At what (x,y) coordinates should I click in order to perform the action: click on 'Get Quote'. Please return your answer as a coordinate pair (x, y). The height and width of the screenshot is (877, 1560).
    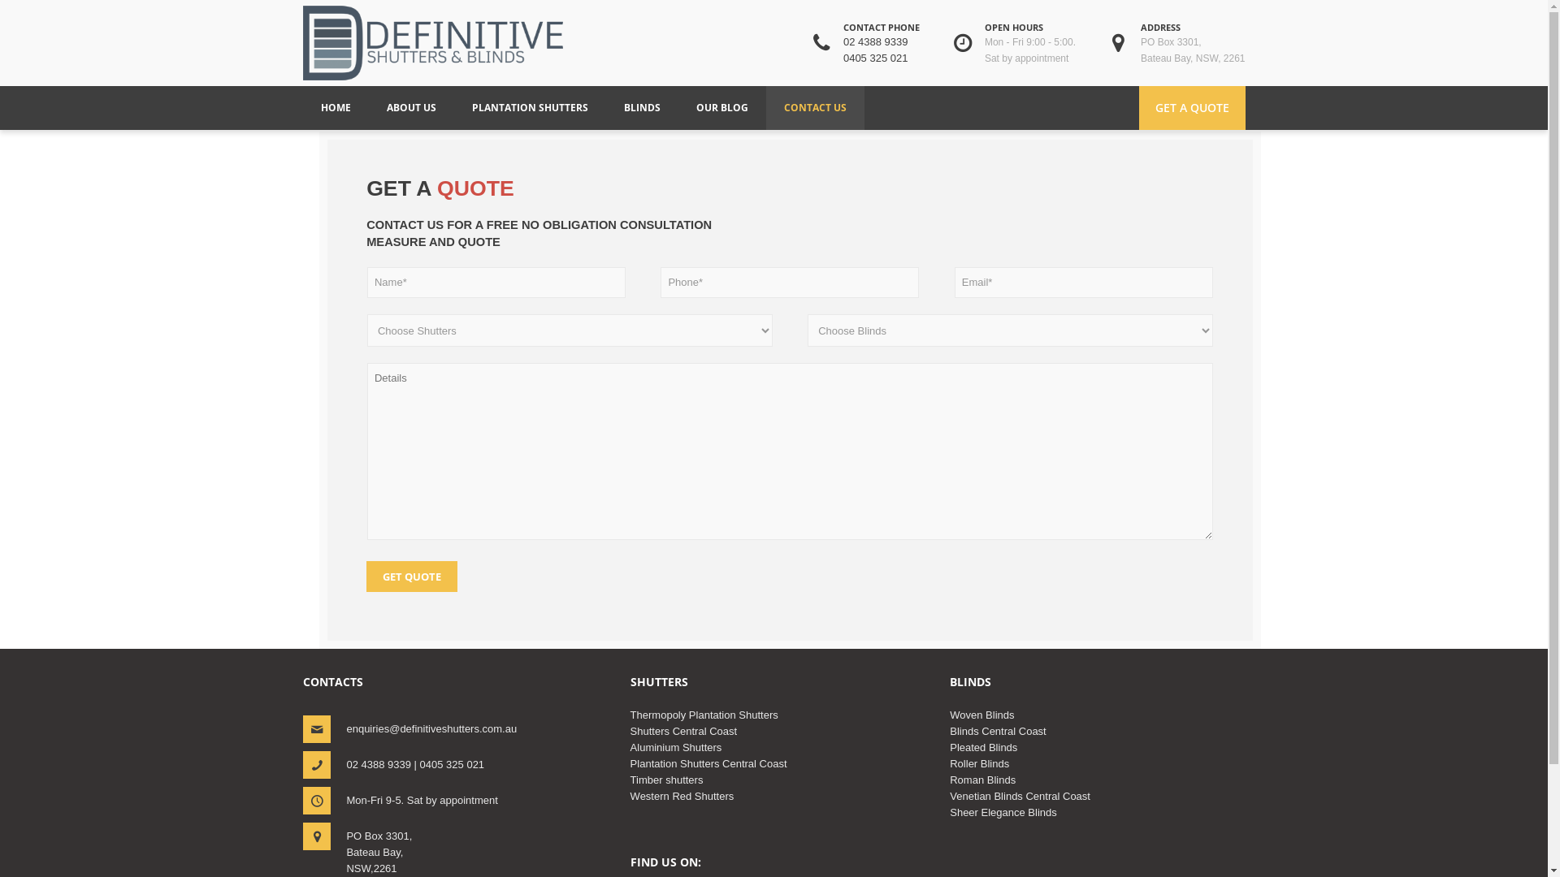
    Looking at the image, I should click on (412, 575).